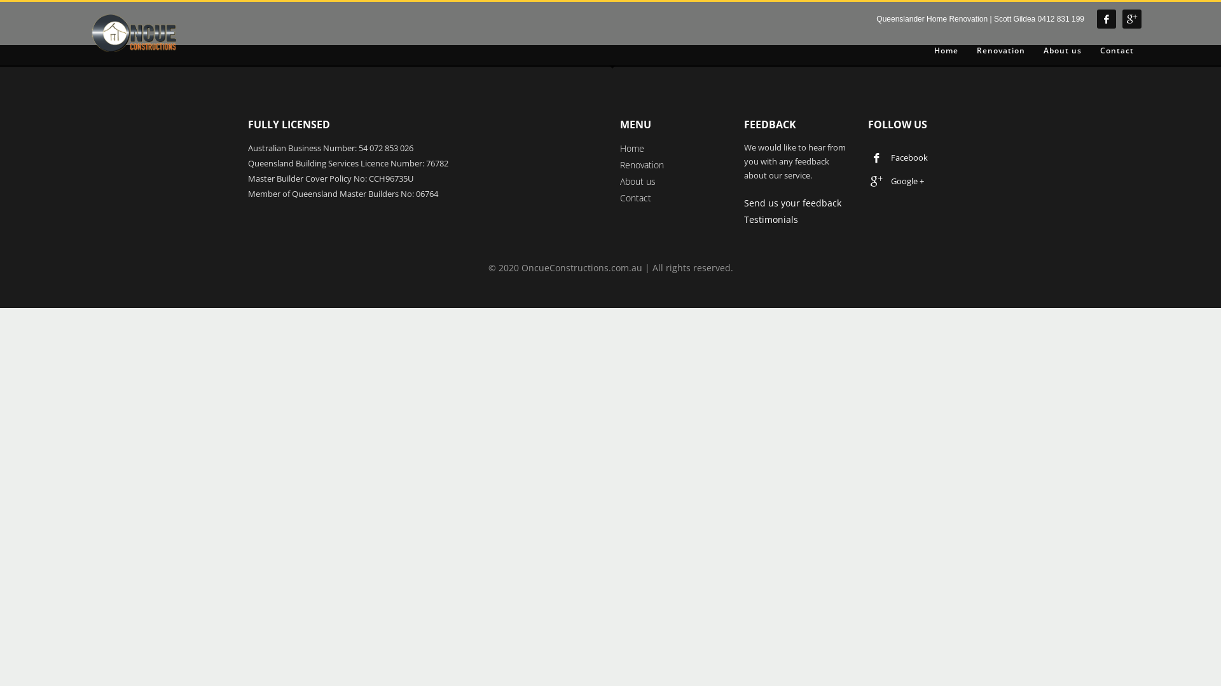  I want to click on 'Facebook', so click(898, 156).